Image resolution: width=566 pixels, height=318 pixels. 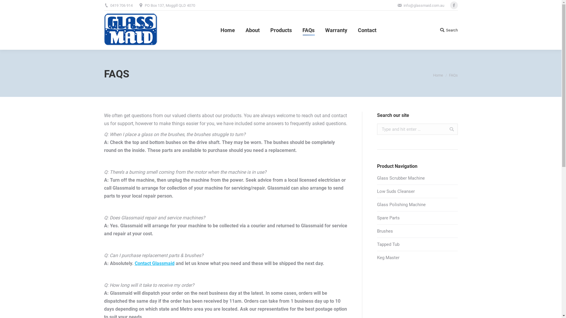 I want to click on 'Glass Polishing Machine', so click(x=401, y=204).